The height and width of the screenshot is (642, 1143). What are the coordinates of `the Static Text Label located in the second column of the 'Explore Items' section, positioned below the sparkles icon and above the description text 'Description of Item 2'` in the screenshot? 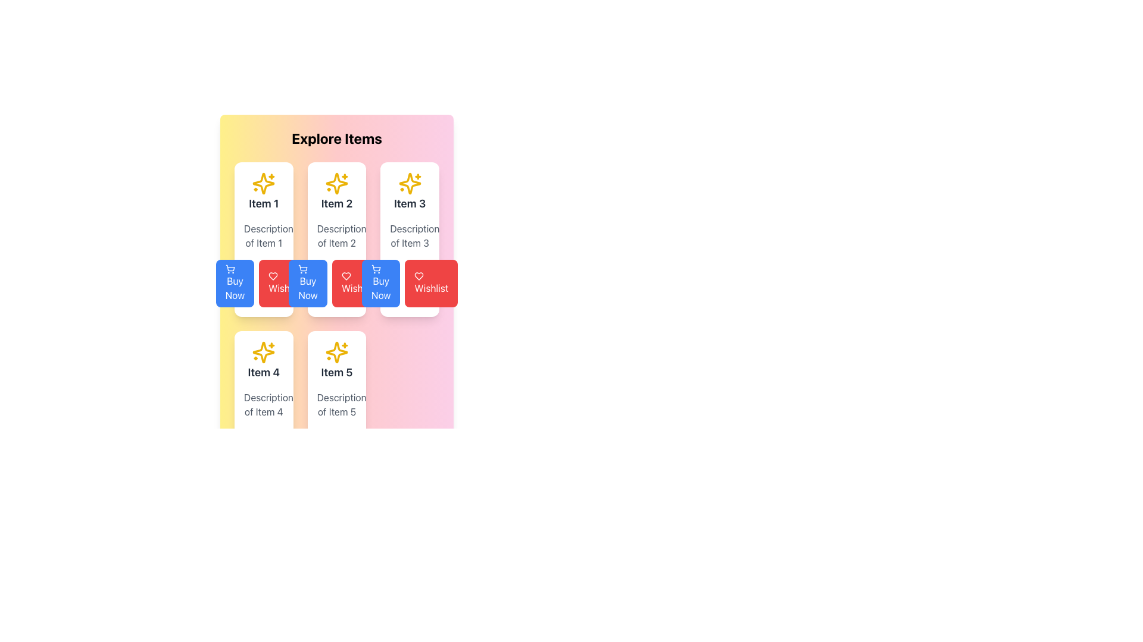 It's located at (336, 203).